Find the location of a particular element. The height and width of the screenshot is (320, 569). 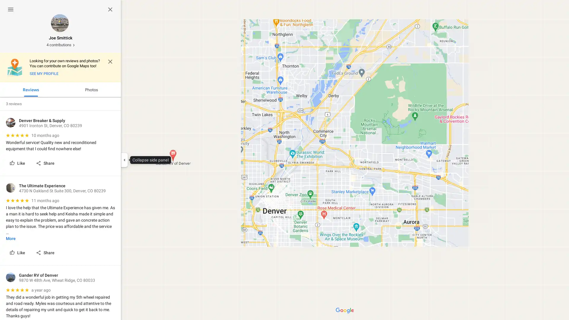

Dismiss is located at coordinates (110, 62).